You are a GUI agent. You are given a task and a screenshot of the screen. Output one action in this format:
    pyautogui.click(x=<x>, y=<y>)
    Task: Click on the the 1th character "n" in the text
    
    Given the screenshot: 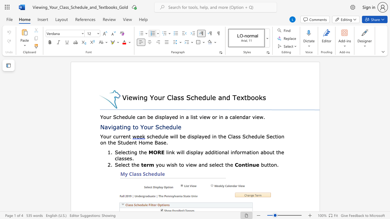 What is the action you would take?
    pyautogui.click(x=125, y=127)
    